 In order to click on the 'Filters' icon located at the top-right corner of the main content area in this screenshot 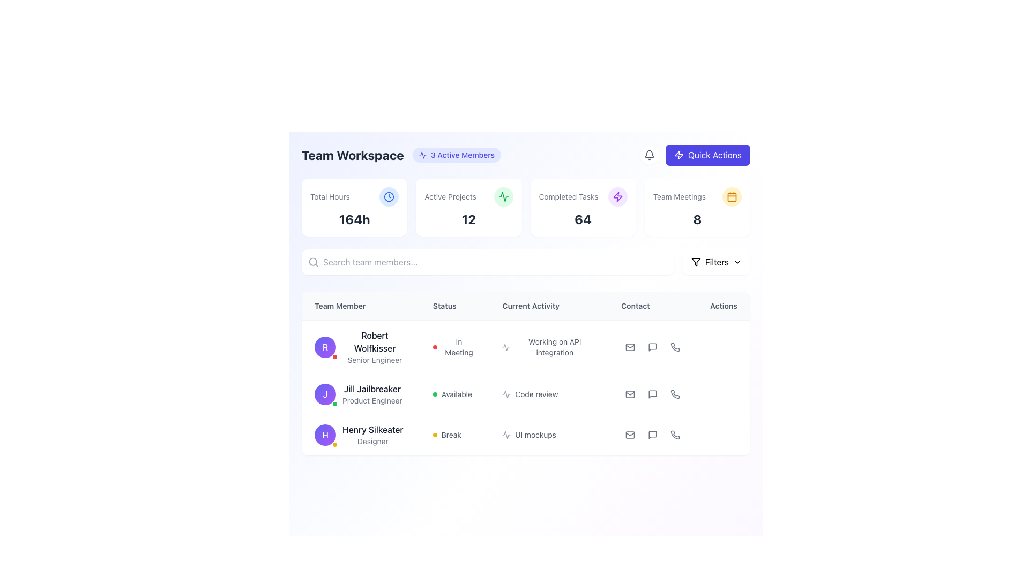, I will do `click(696, 262)`.